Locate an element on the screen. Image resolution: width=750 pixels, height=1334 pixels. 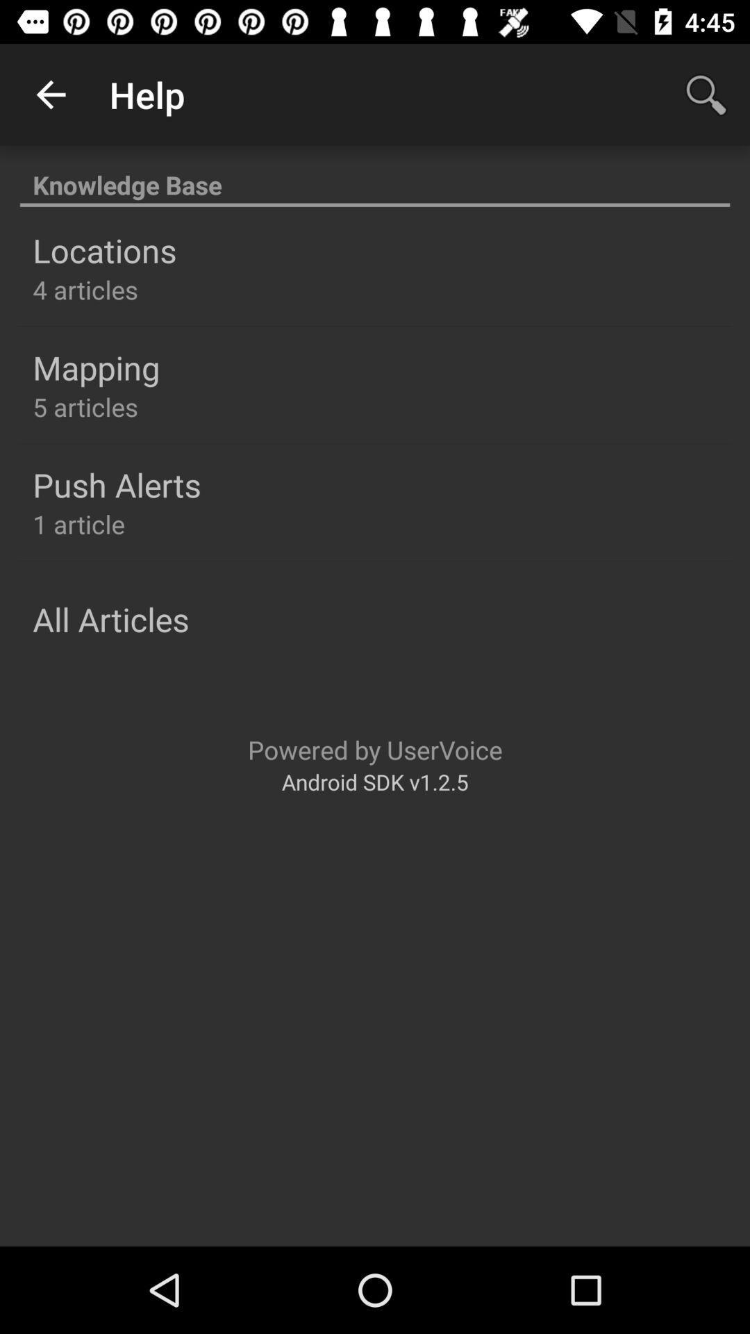
the locations icon is located at coordinates (103, 250).